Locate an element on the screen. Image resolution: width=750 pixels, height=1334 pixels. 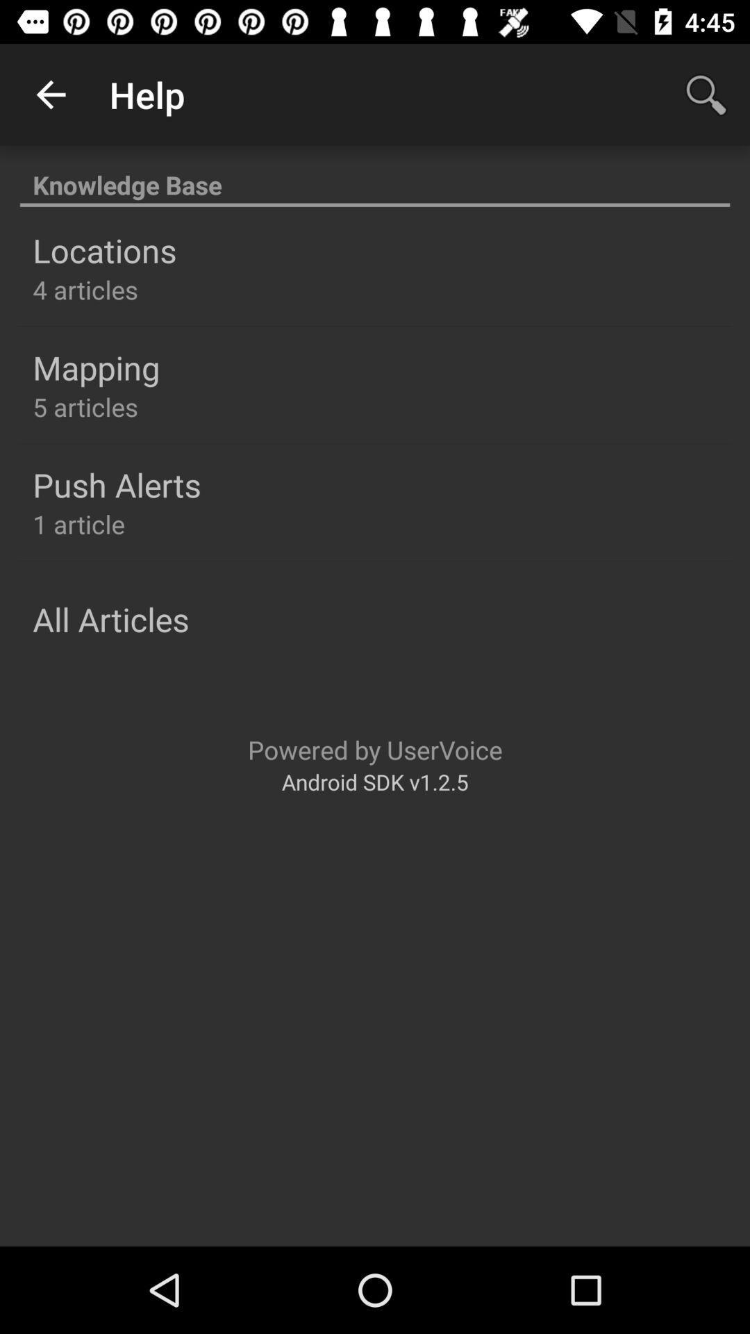
the locations icon is located at coordinates (103, 250).